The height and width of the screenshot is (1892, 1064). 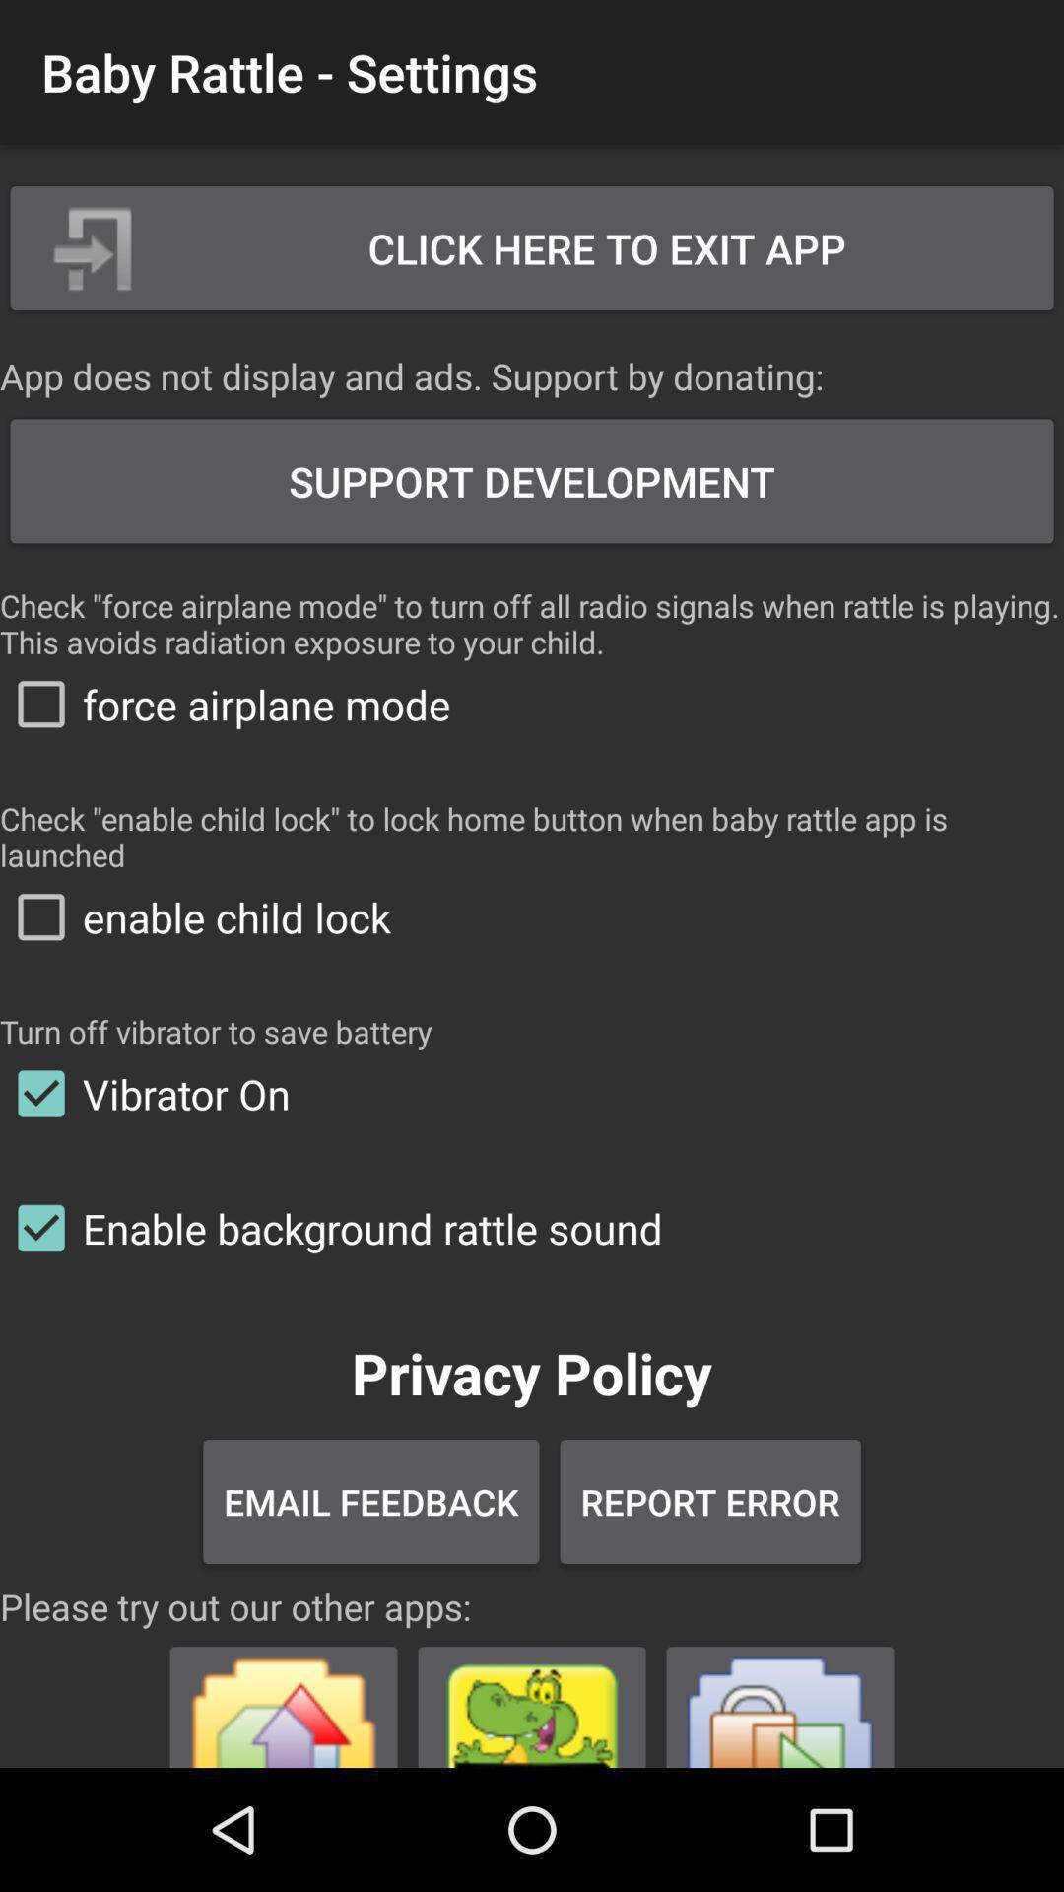 I want to click on another app, so click(x=284, y=1698).